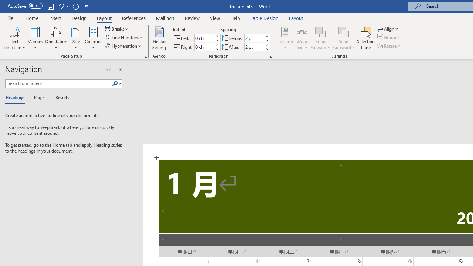  What do you see at coordinates (93, 38) in the screenshot?
I see `'Columns'` at bounding box center [93, 38].